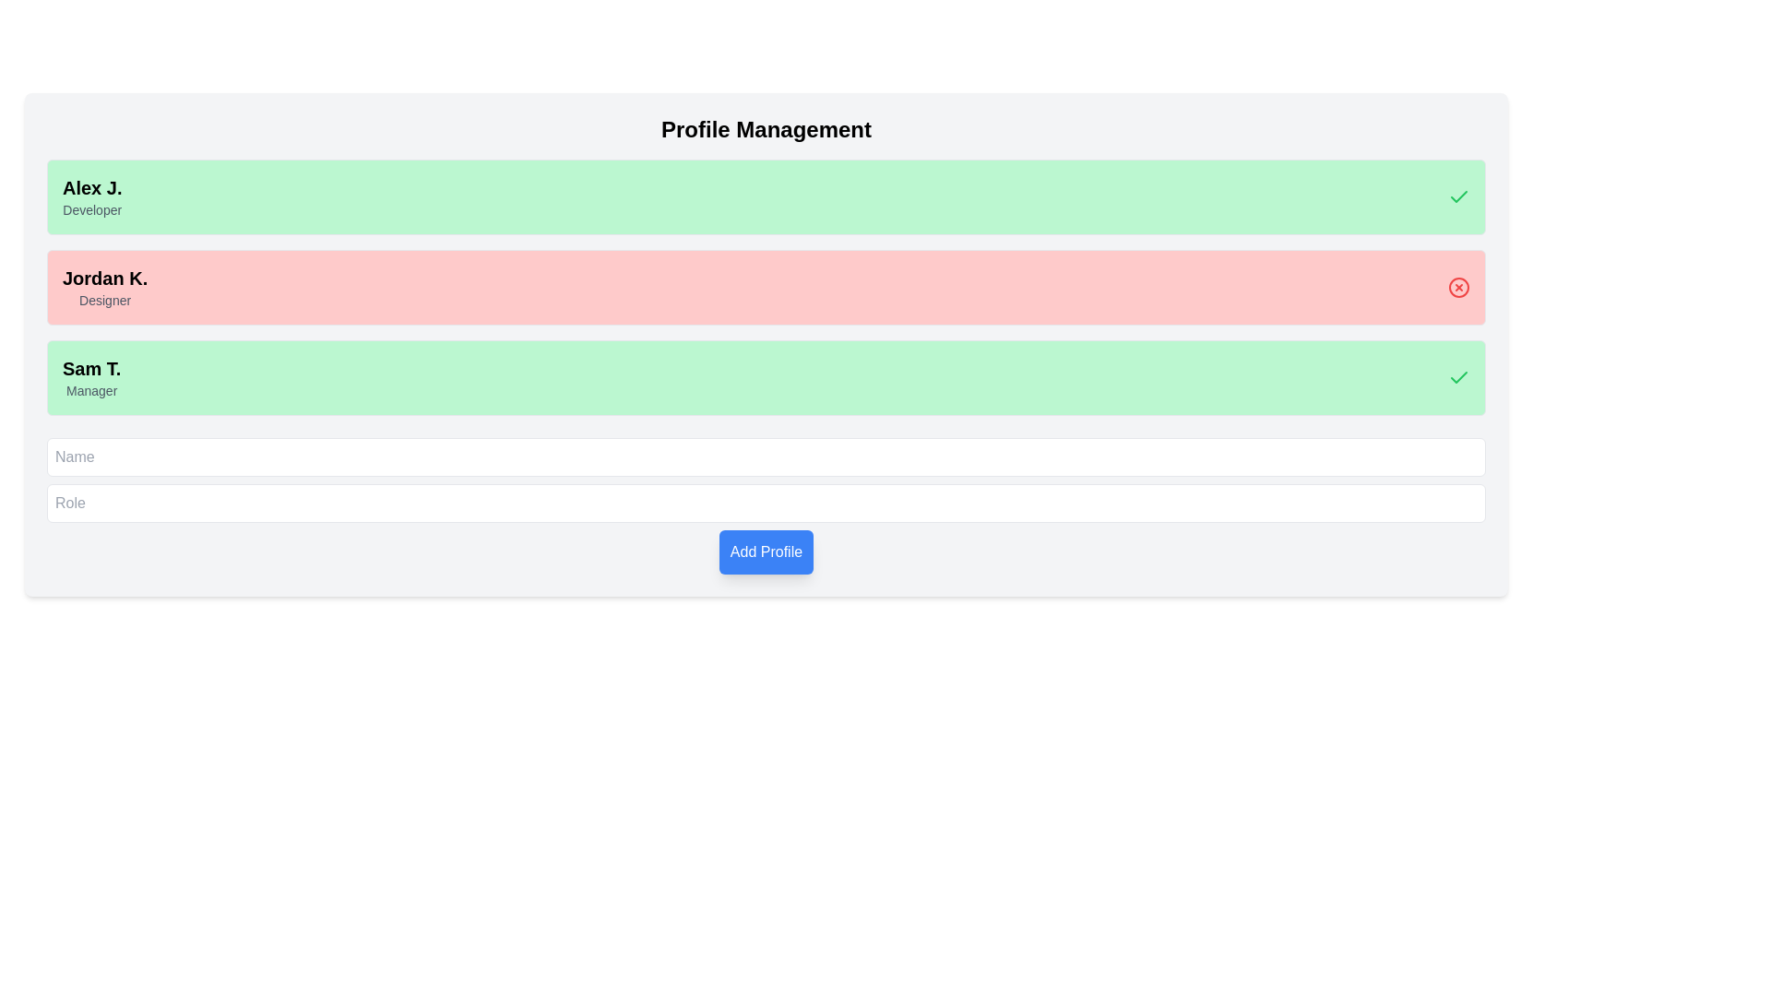 The height and width of the screenshot is (996, 1771). I want to click on the red circular button with a white 'X' icon, so click(1455, 288).